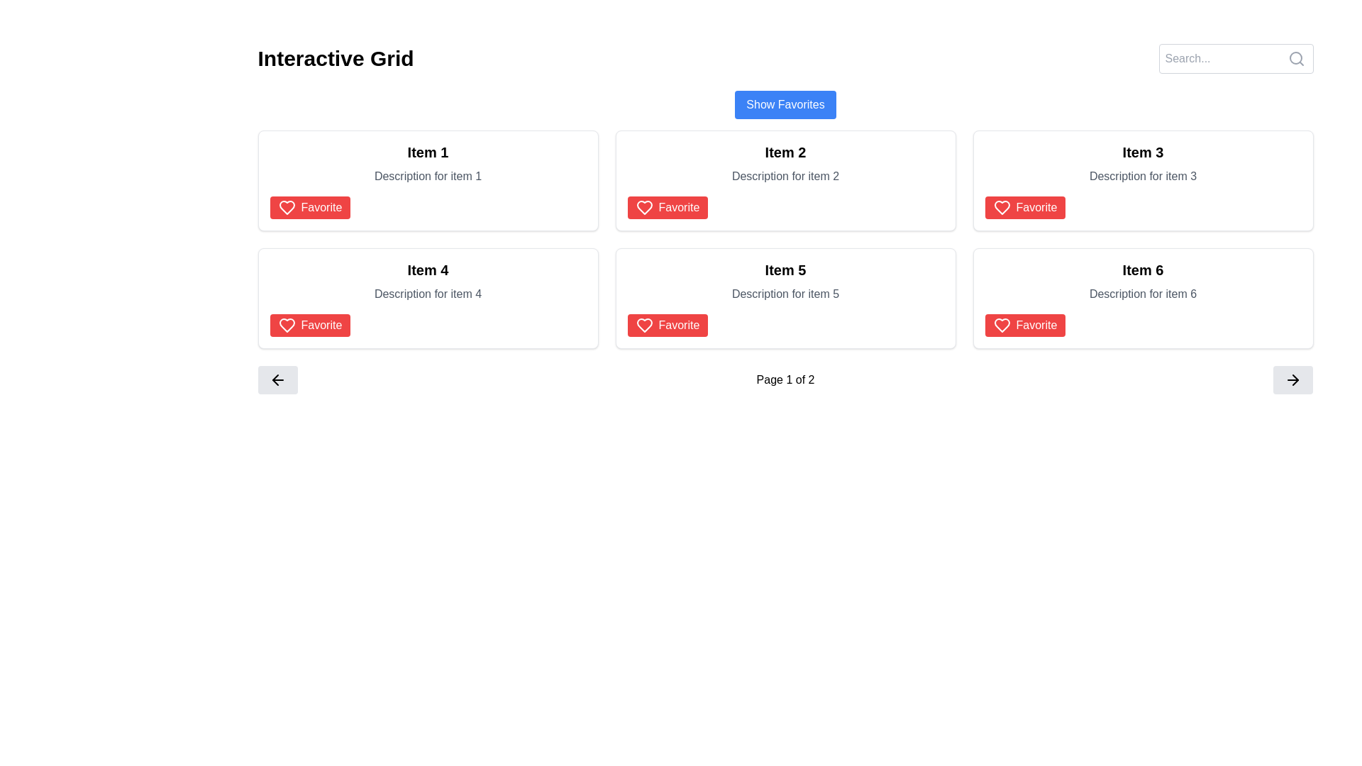 The image size is (1362, 766). What do you see at coordinates (643, 326) in the screenshot?
I see `the heart icon representing the 'Favorite' functionality located beneath the 'Item 5' card in the second row of the interactive grid layout` at bounding box center [643, 326].